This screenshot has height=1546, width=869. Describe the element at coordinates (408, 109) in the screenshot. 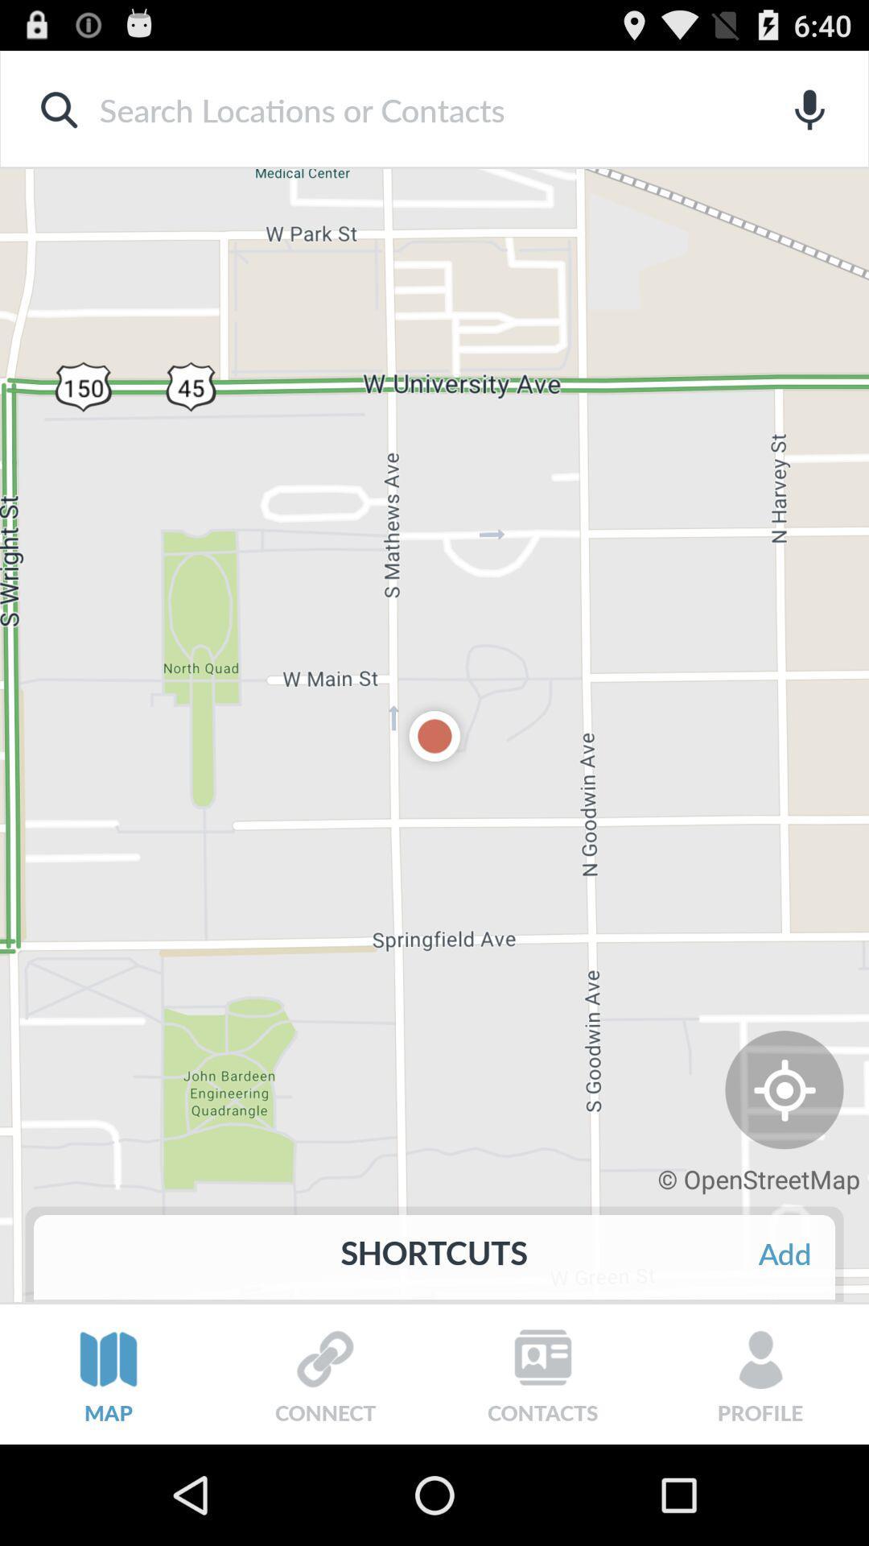

I see `search feature` at that location.